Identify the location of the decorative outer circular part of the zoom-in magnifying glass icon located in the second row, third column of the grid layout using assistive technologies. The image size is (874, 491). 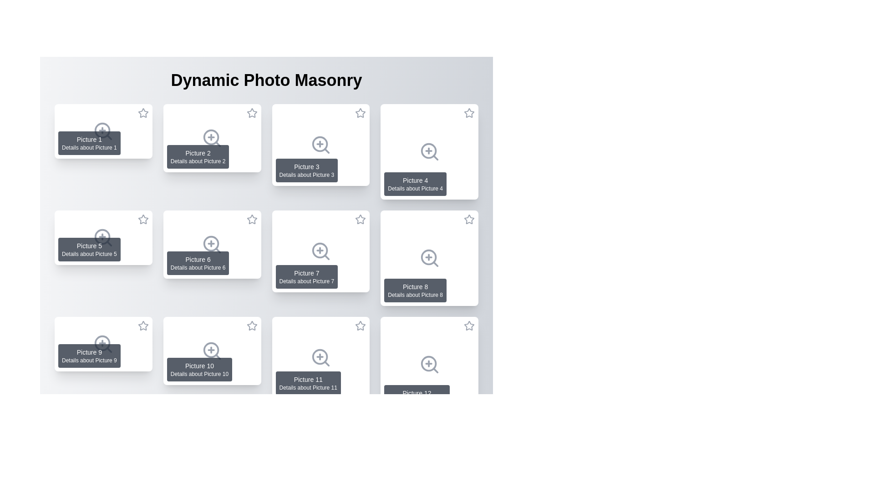
(320, 144).